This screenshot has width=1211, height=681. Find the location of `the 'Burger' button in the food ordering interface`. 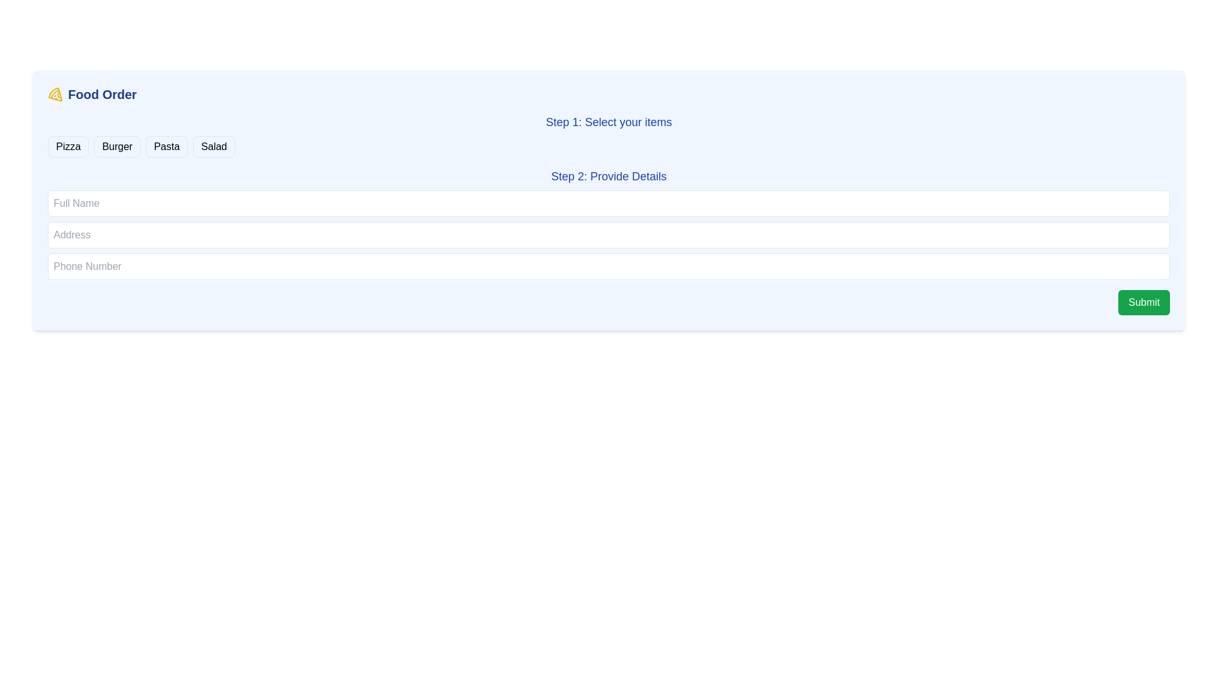

the 'Burger' button in the food ordering interface is located at coordinates (117, 146).